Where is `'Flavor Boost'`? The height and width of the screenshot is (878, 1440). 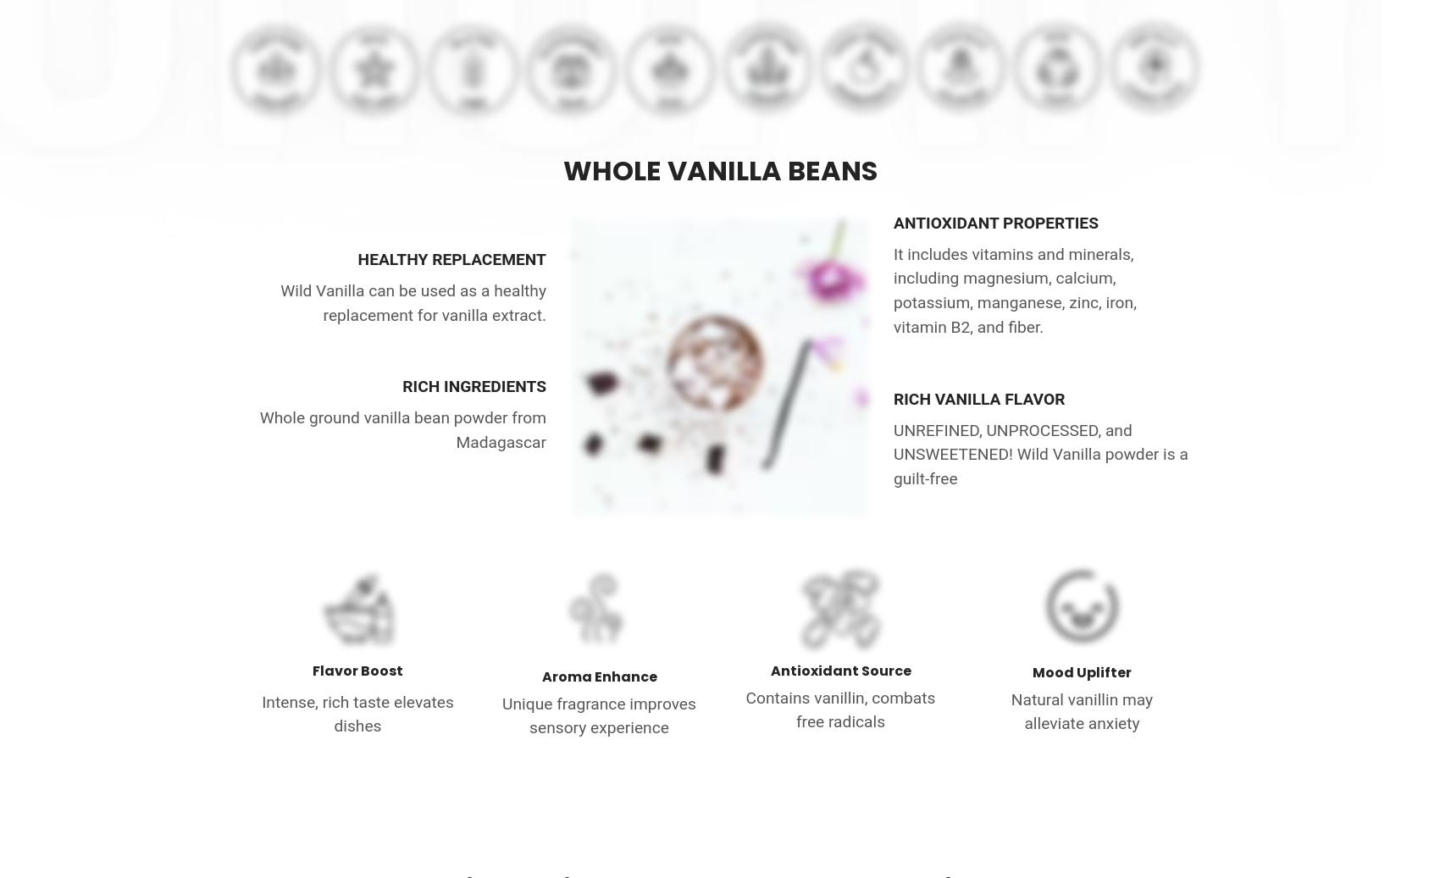 'Flavor Boost' is located at coordinates (357, 671).